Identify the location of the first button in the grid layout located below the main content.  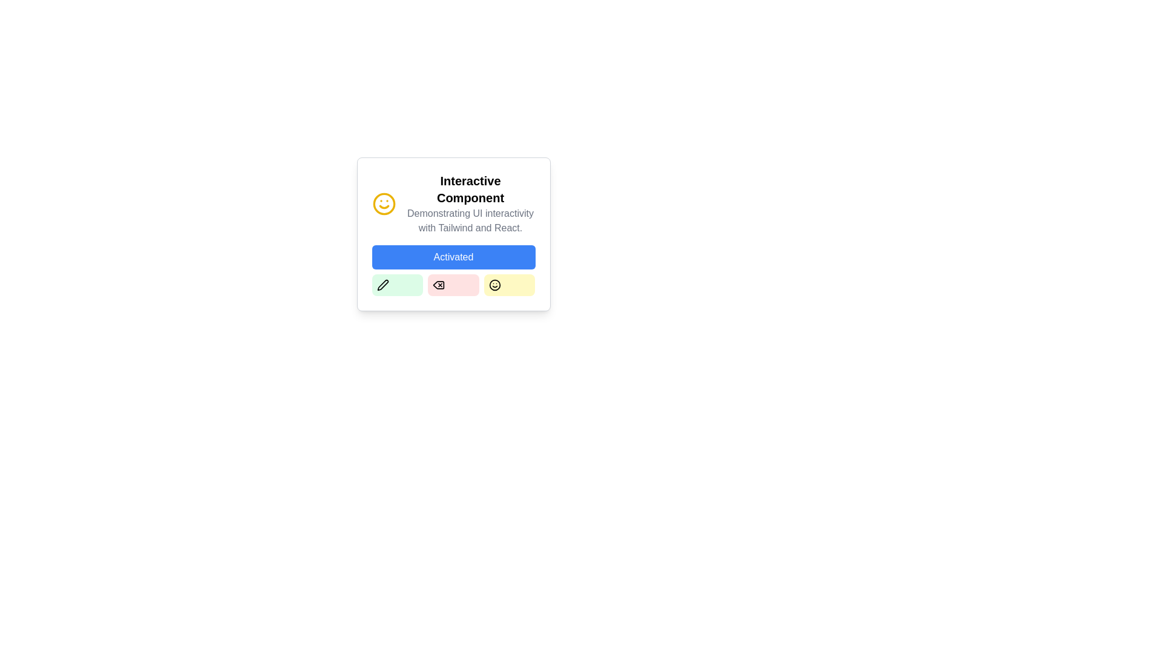
(397, 285).